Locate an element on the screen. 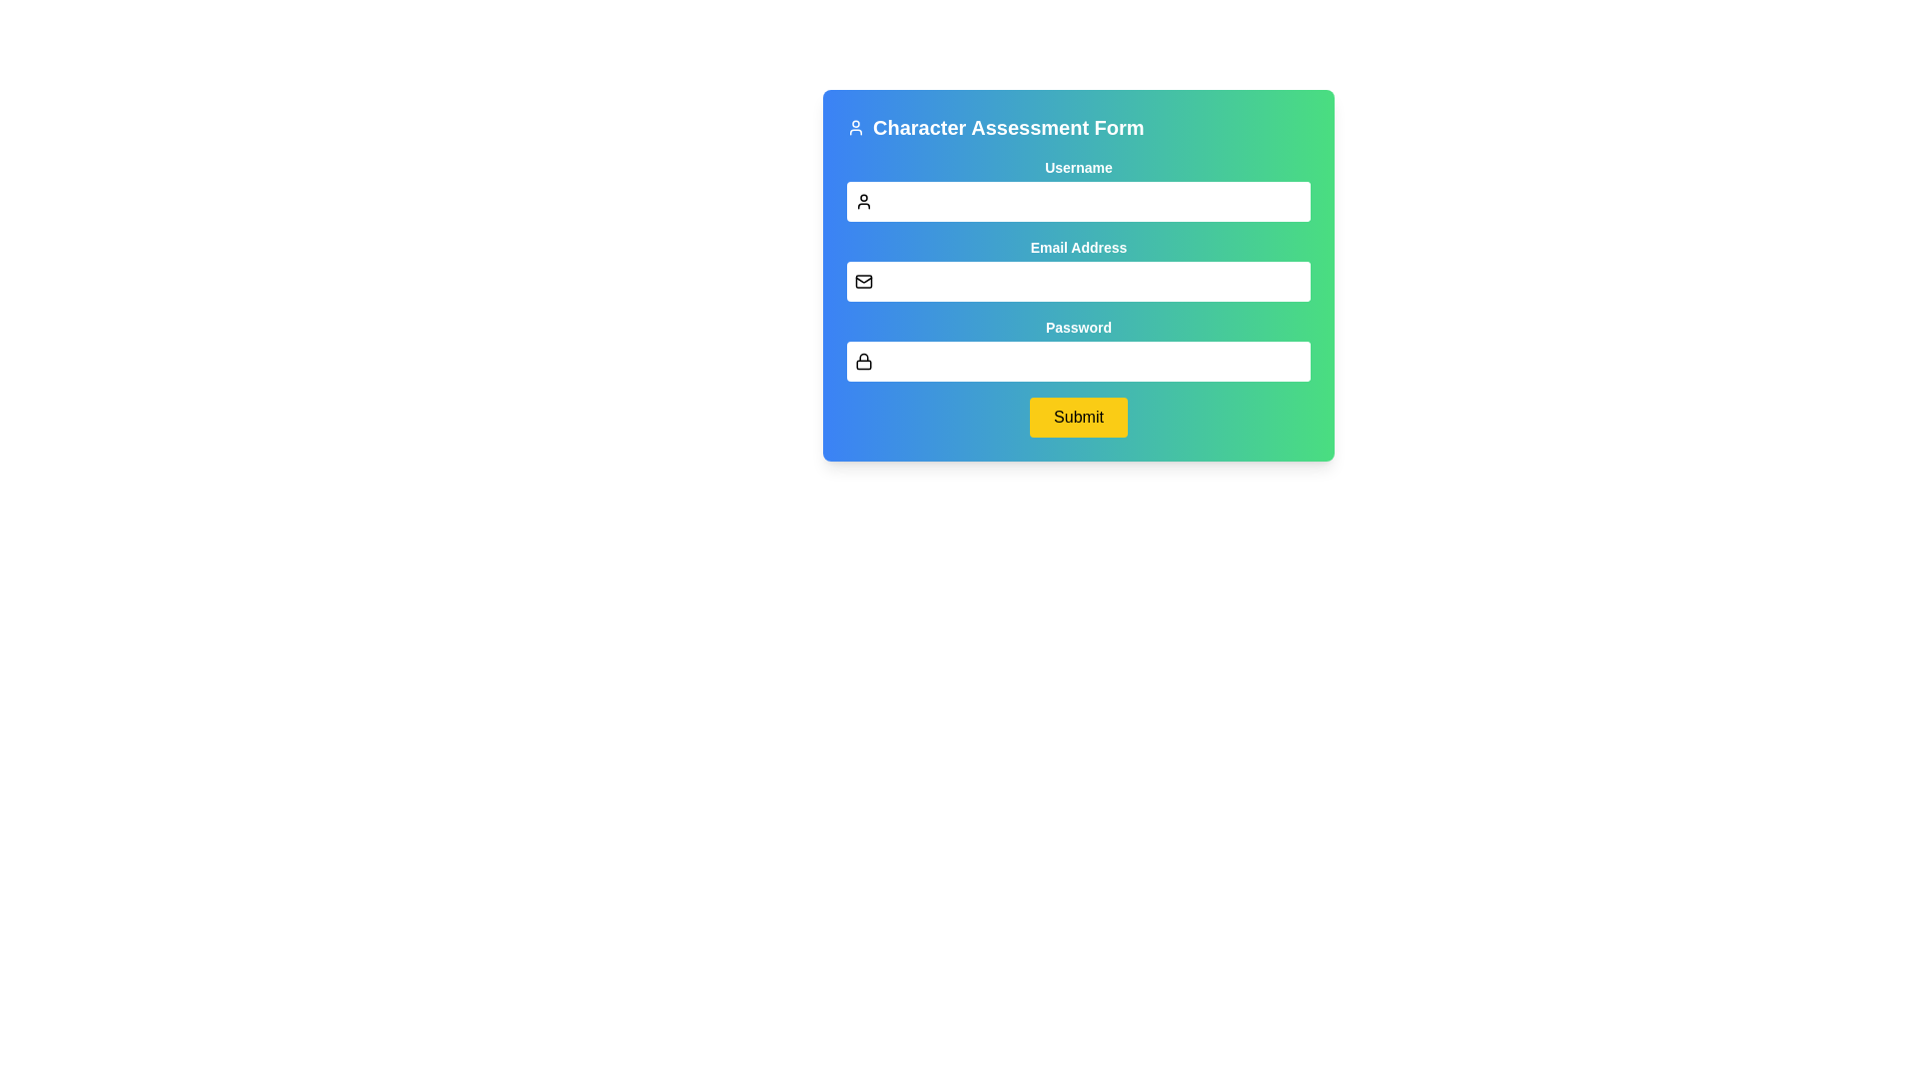  the envelope-shaped icon with a black outline and white background, located to the left of the email input field in the 'Email Address' form row is located at coordinates (863, 281).